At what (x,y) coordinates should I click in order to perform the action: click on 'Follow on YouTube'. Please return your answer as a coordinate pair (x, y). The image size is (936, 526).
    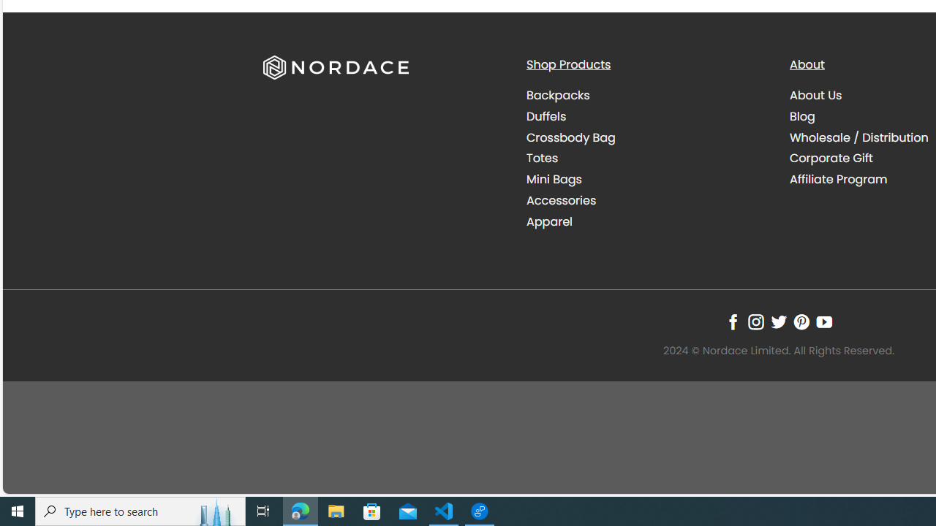
    Looking at the image, I should click on (824, 321).